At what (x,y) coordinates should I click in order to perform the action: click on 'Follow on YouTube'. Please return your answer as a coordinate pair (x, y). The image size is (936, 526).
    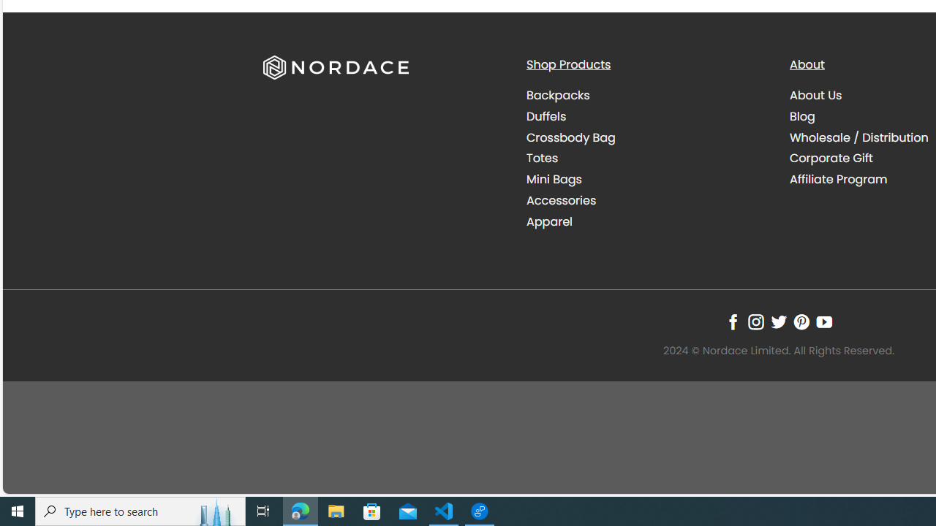
    Looking at the image, I should click on (824, 321).